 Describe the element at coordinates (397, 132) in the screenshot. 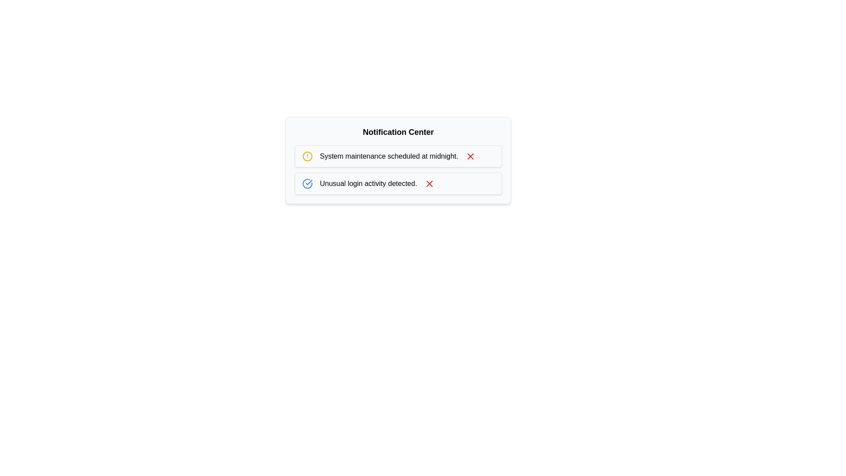

I see `the Text Label which serves as the title of the notification card, positioned at the top of the card layout` at that location.